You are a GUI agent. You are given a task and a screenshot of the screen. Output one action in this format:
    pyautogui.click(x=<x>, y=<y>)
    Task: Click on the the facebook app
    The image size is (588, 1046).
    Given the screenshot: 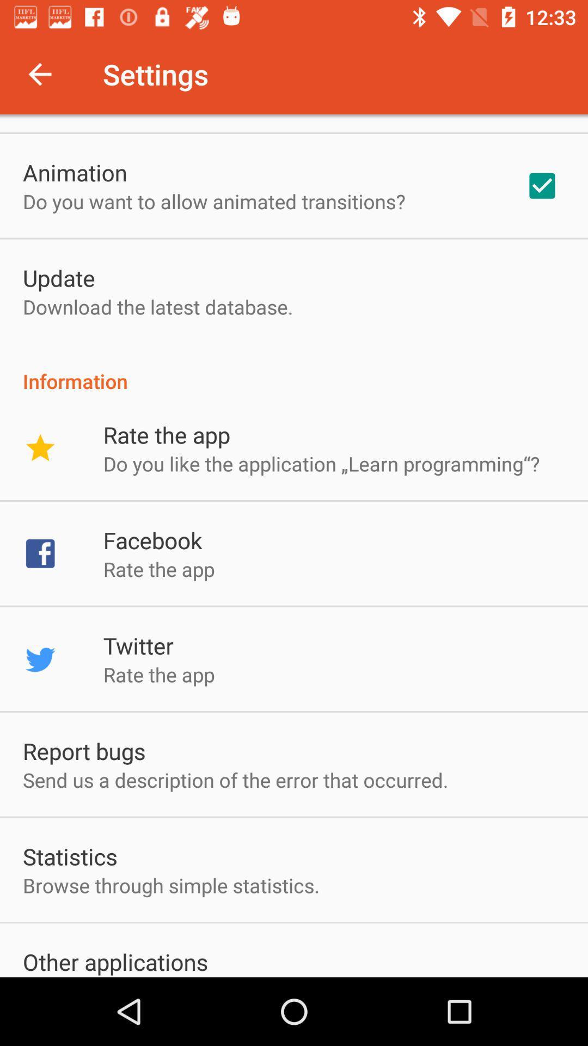 What is the action you would take?
    pyautogui.click(x=152, y=540)
    